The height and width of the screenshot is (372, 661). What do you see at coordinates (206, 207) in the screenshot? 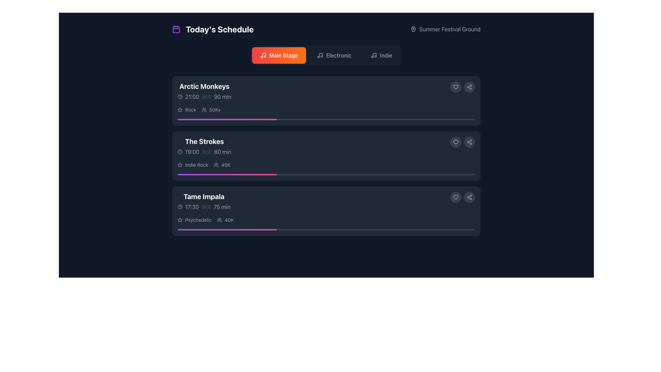
I see `the small gray circular bullet point that separates '17:30' and '75 min' in the time and duration information for 'Tame Impala'` at bounding box center [206, 207].